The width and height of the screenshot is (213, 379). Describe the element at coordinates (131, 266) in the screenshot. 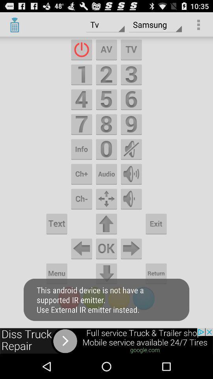

I see `the arrow_forward icon` at that location.